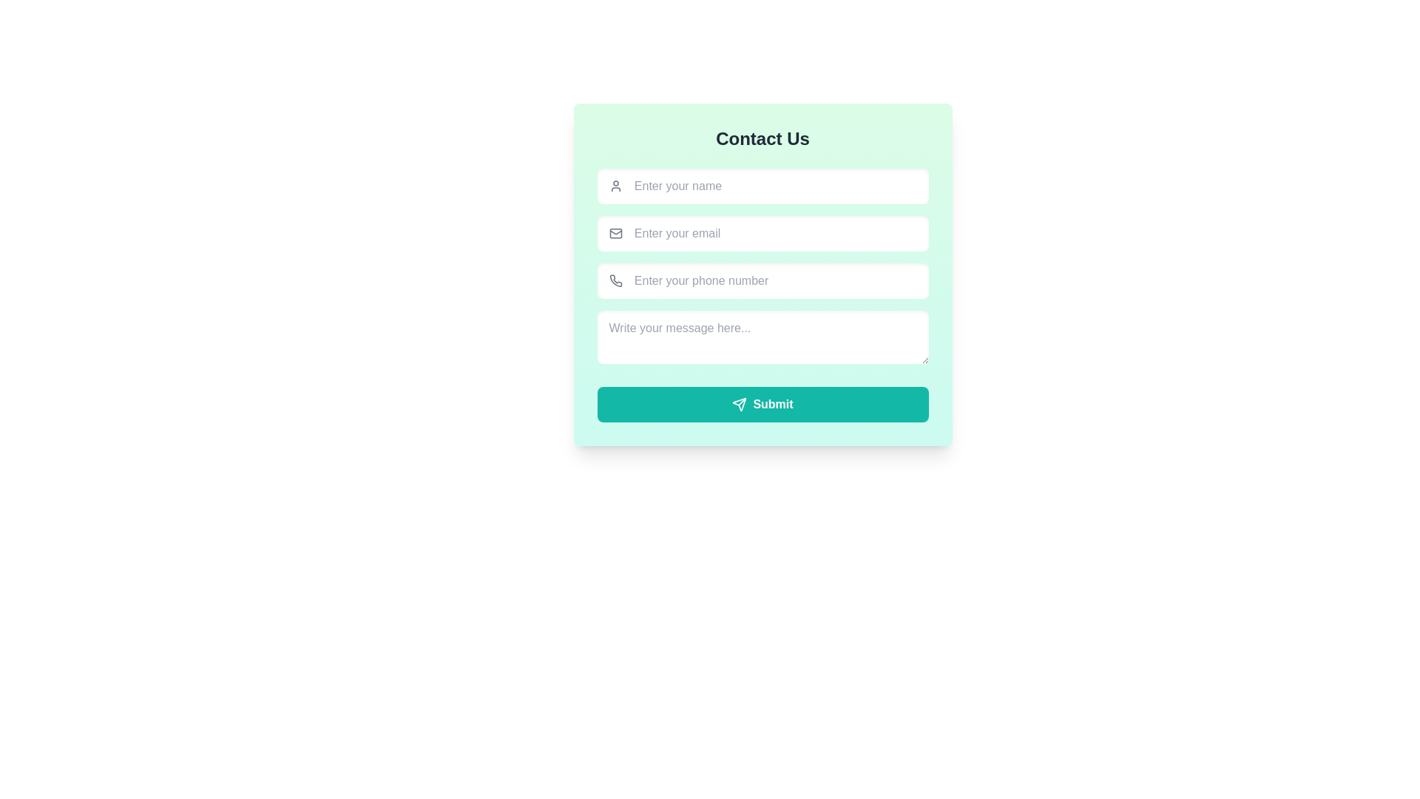 Image resolution: width=1420 pixels, height=799 pixels. What do you see at coordinates (615, 233) in the screenshot?
I see `the email icon located to the left of the 'Enter your email' text input area in the central form of the layout` at bounding box center [615, 233].